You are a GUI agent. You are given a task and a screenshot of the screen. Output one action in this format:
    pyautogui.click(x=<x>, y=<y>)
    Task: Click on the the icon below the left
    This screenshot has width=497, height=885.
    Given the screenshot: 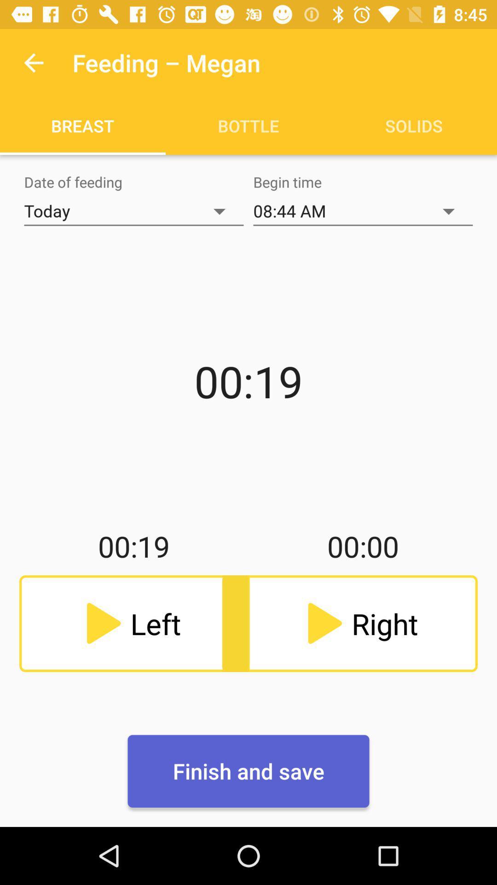 What is the action you would take?
    pyautogui.click(x=248, y=771)
    